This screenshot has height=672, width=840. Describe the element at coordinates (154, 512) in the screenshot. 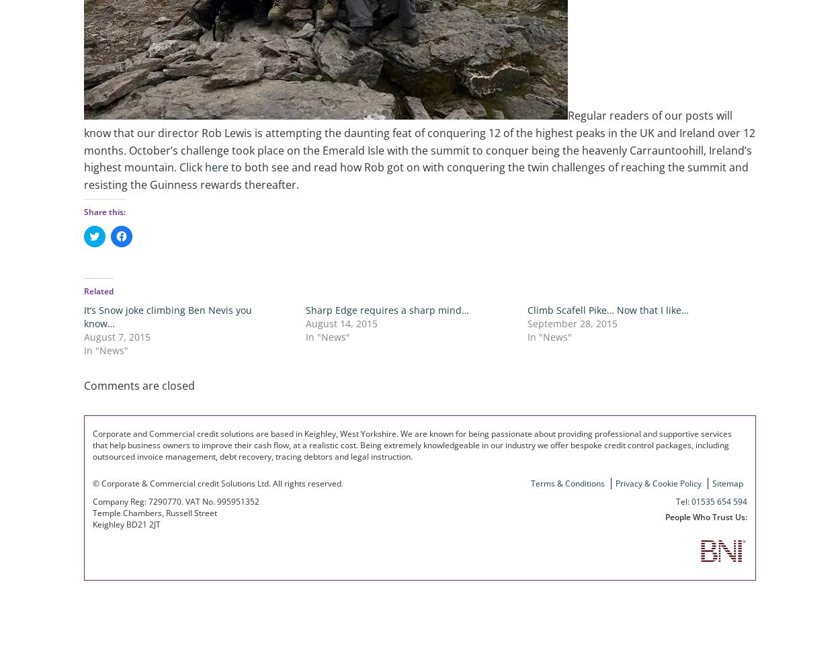

I see `'Temple Chambers, Russell Street'` at that location.